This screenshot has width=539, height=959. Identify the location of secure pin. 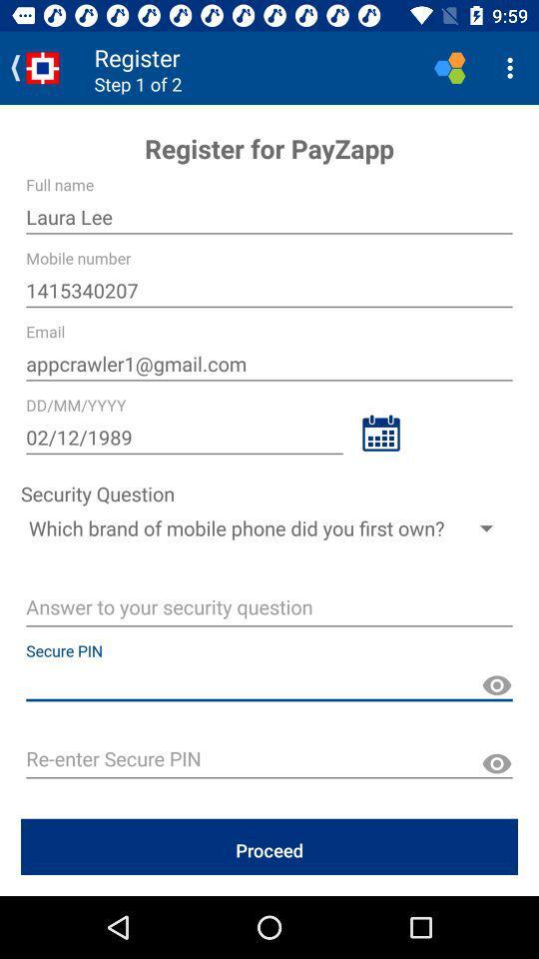
(269, 760).